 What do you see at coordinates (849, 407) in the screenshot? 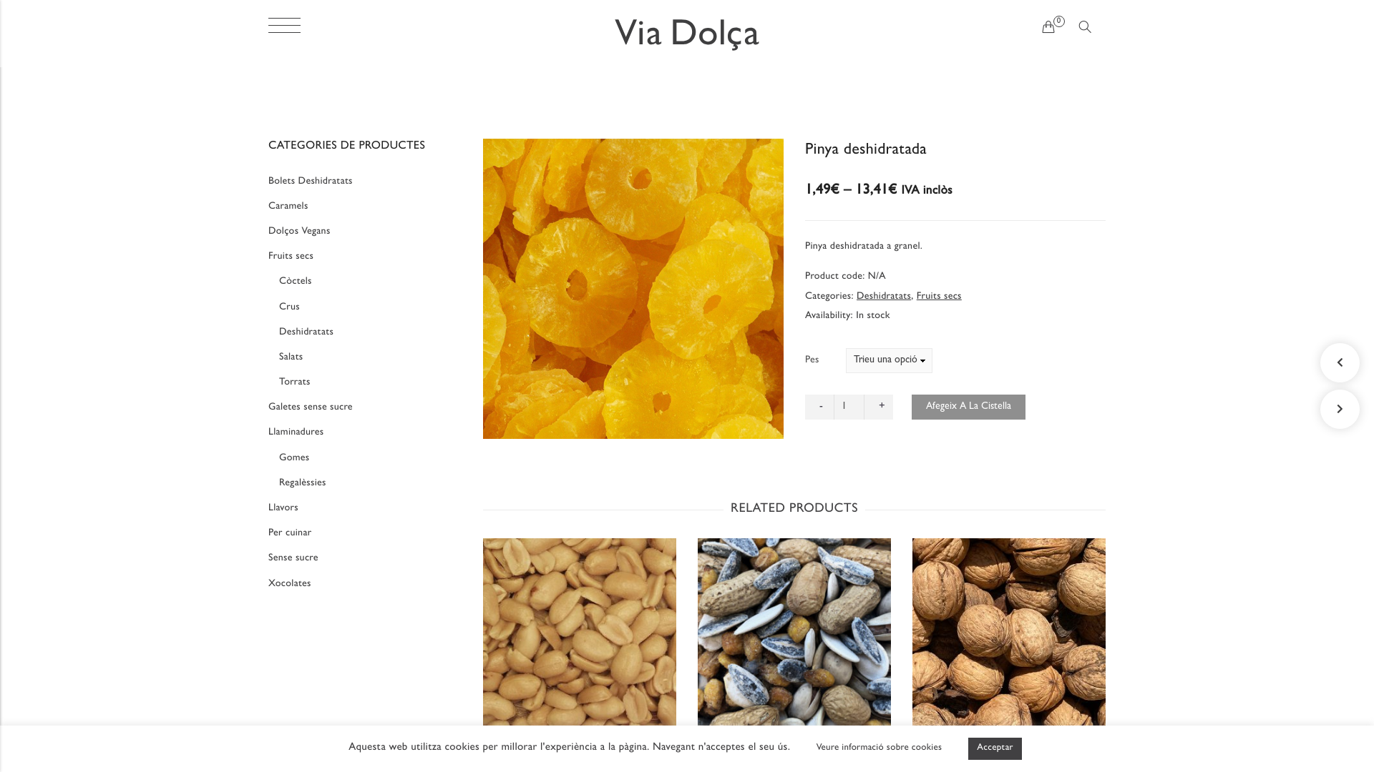
I see `'Qty'` at bounding box center [849, 407].